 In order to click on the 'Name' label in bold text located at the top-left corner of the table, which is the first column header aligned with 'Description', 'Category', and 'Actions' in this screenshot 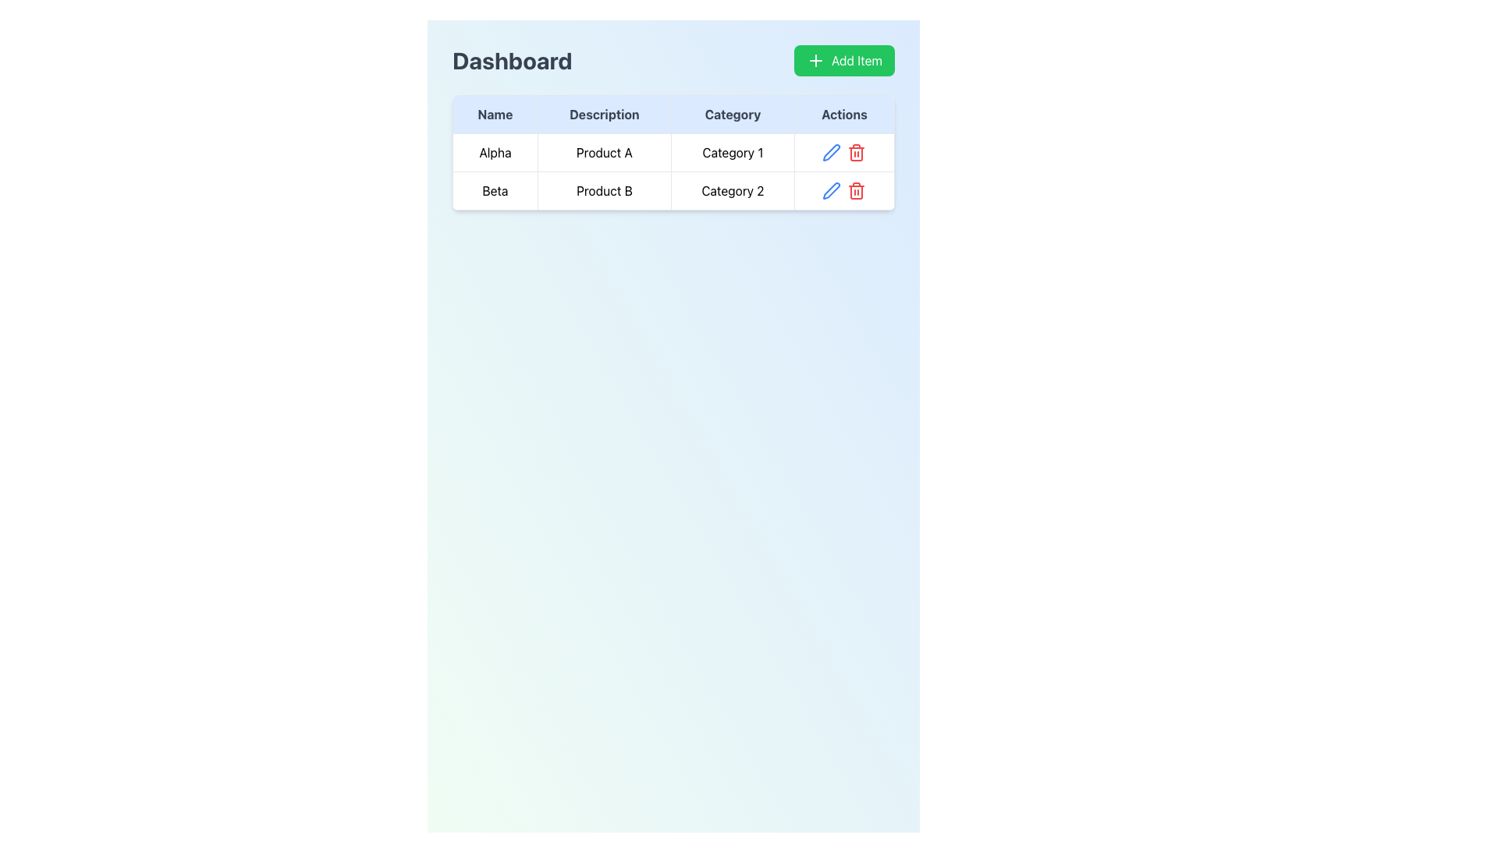, I will do `click(494, 113)`.